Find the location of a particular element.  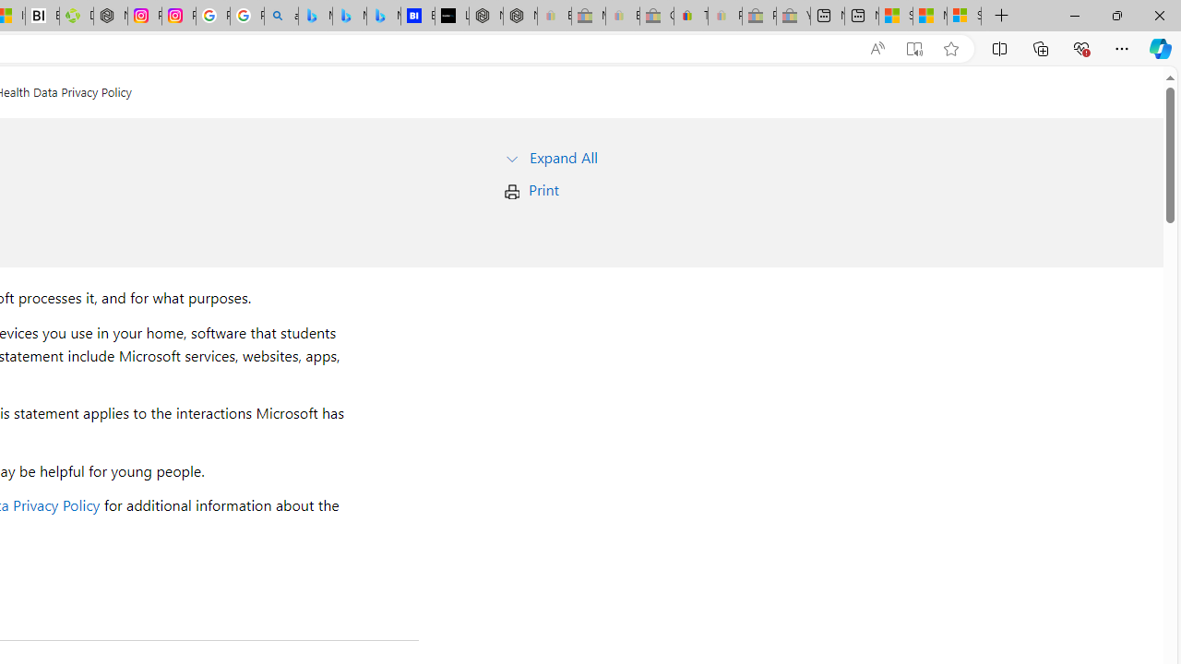

'Microsoft Bing Travel - Shangri-La Hotel Bangkok' is located at coordinates (383, 16).